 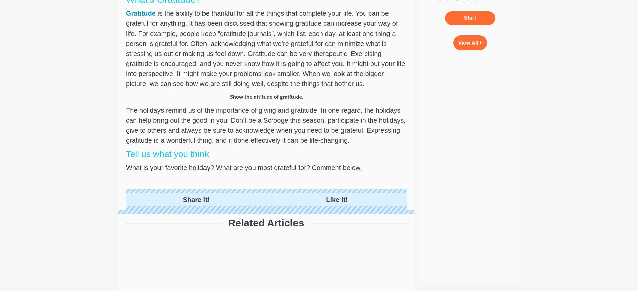 I want to click on 'Share It!', so click(x=196, y=199).